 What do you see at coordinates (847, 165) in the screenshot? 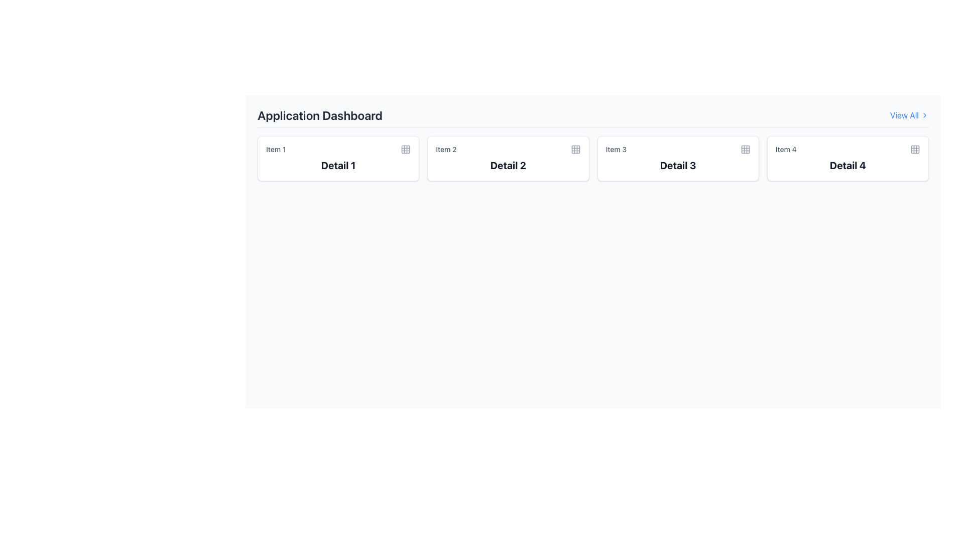
I see `the bold text labeled 'Detail 4' which is centrally positioned in the fourth card from the left in the Application Dashboard layout` at bounding box center [847, 165].